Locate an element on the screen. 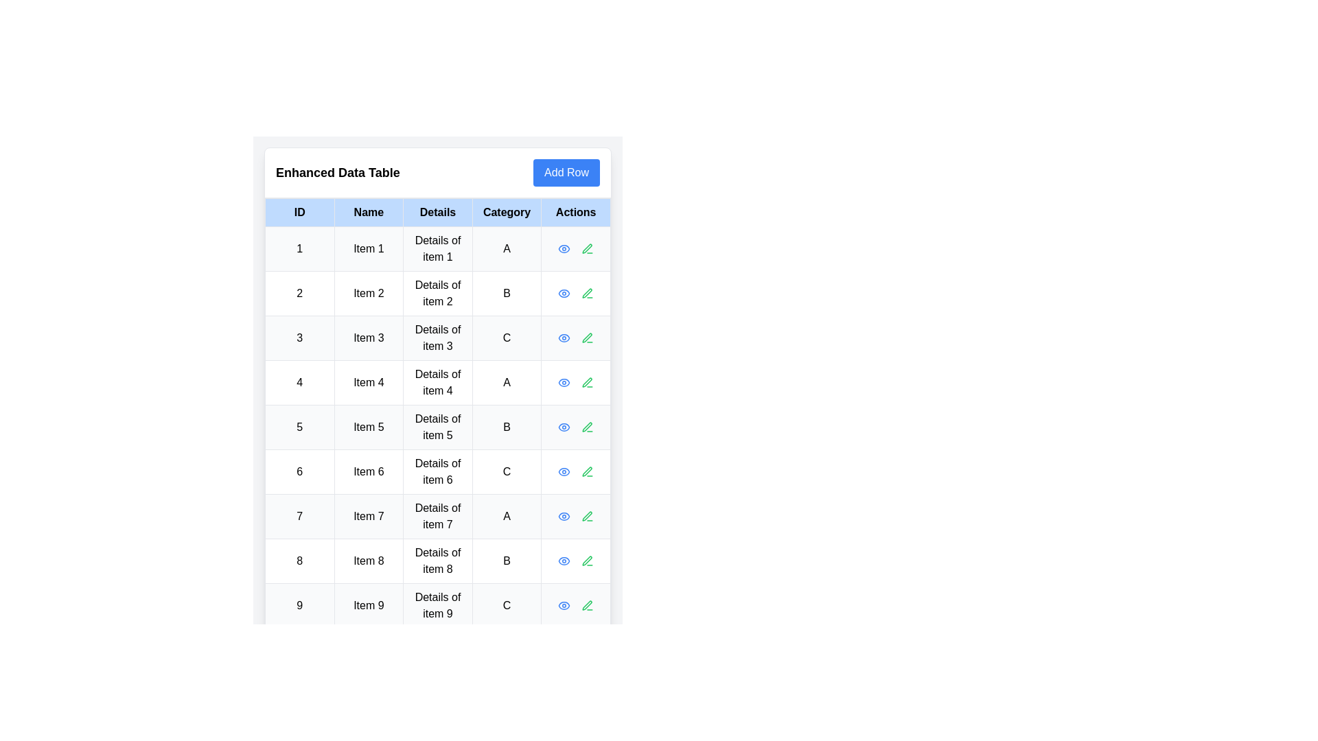 This screenshot has width=1318, height=741. the table cell containing the text 'Details of item 4' in the fourth row and third column of the table is located at coordinates (437, 383).